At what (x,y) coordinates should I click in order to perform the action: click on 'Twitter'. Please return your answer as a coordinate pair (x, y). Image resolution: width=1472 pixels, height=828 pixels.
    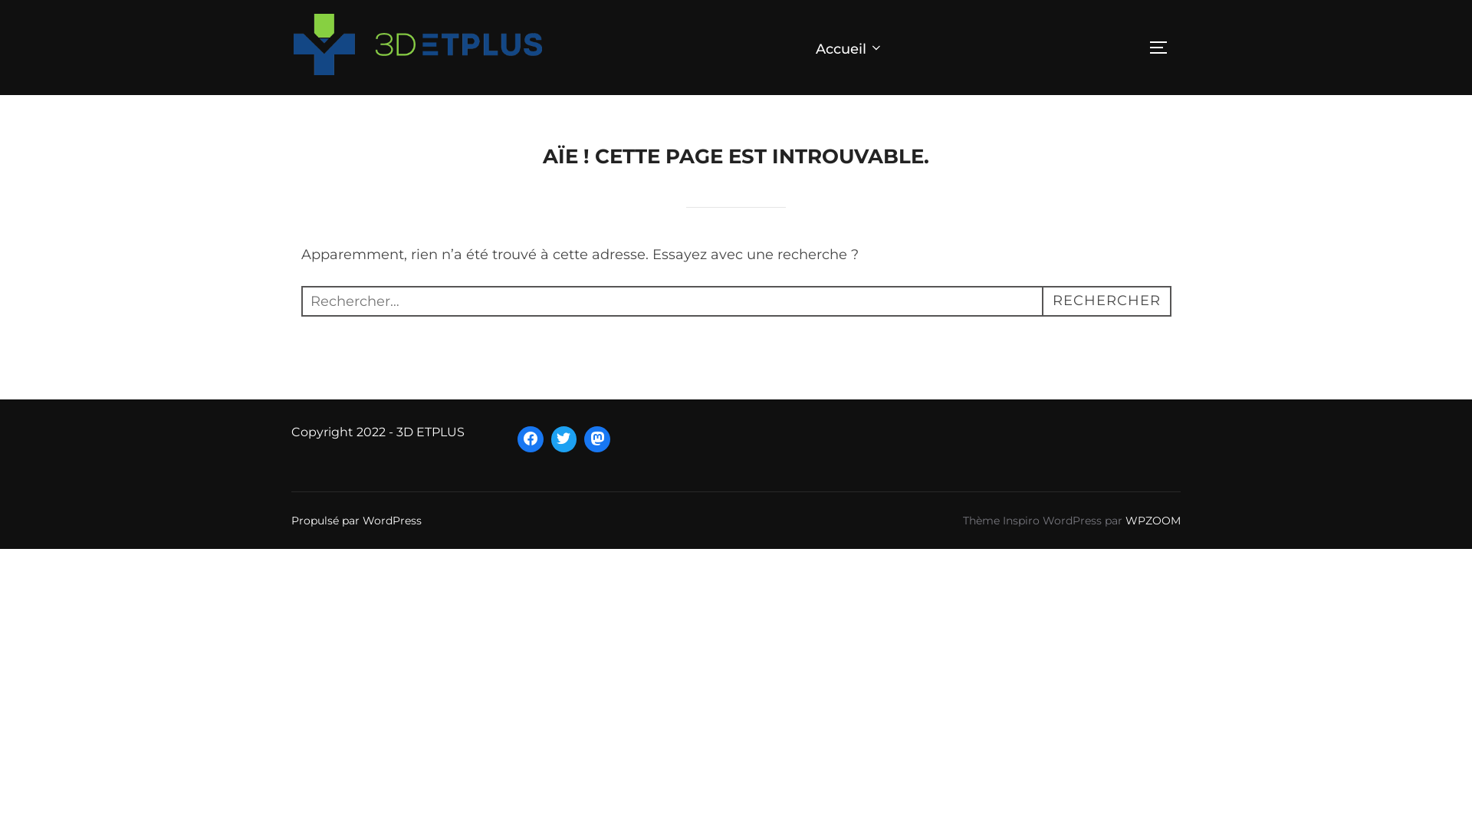
    Looking at the image, I should click on (563, 439).